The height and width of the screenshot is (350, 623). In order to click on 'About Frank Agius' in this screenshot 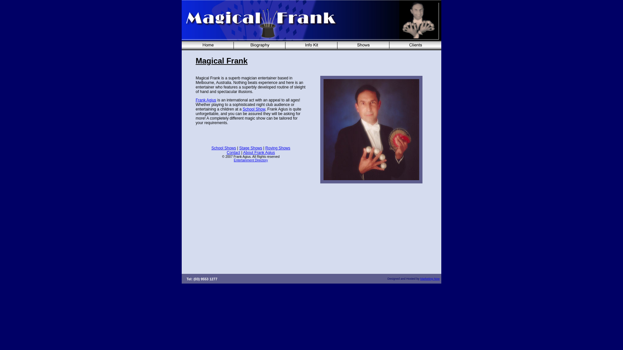, I will do `click(258, 152)`.